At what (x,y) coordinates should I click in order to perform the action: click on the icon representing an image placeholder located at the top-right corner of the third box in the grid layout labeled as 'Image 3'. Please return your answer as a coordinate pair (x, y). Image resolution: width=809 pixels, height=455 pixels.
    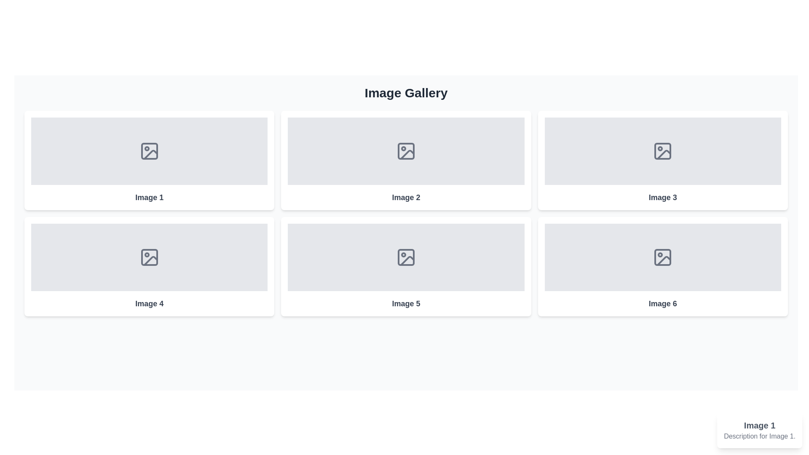
    Looking at the image, I should click on (662, 150).